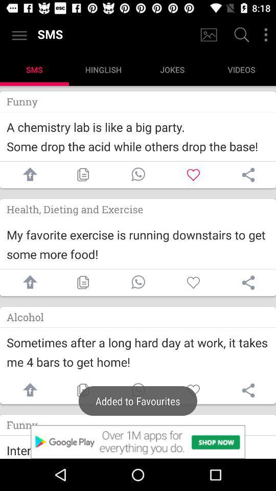  Describe the element at coordinates (138, 441) in the screenshot. I see `advertisement in new app` at that location.